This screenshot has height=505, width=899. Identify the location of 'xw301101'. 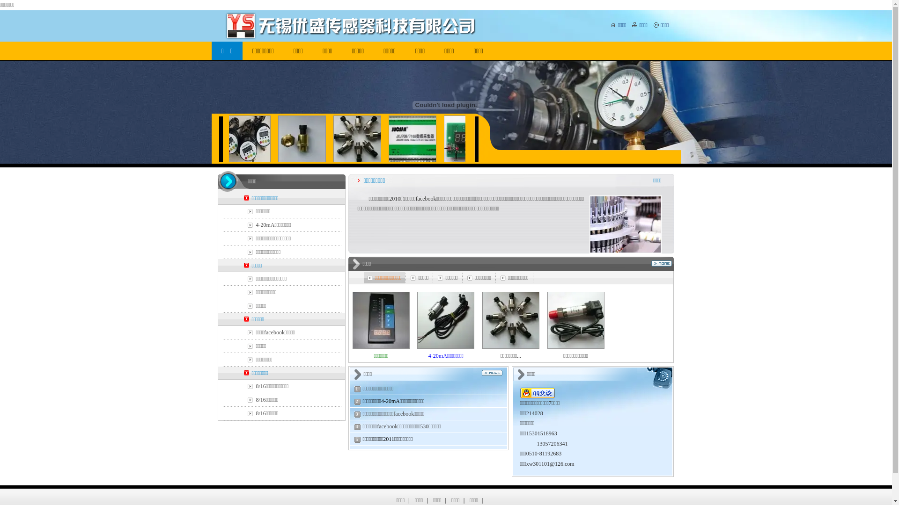
(526, 463).